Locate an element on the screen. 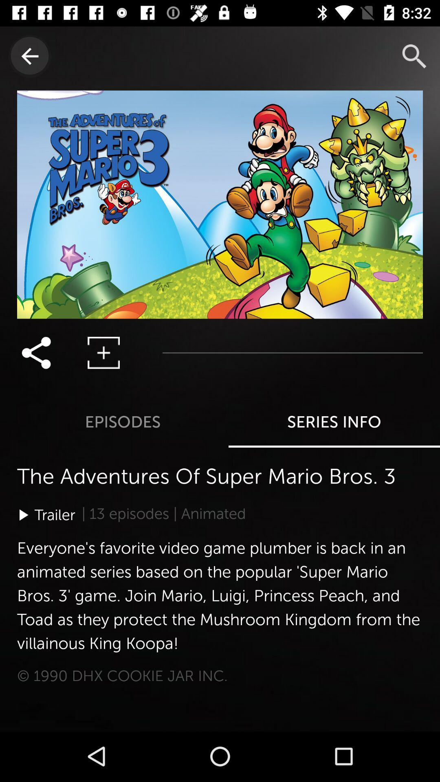  the series info option is located at coordinates (359, 394).